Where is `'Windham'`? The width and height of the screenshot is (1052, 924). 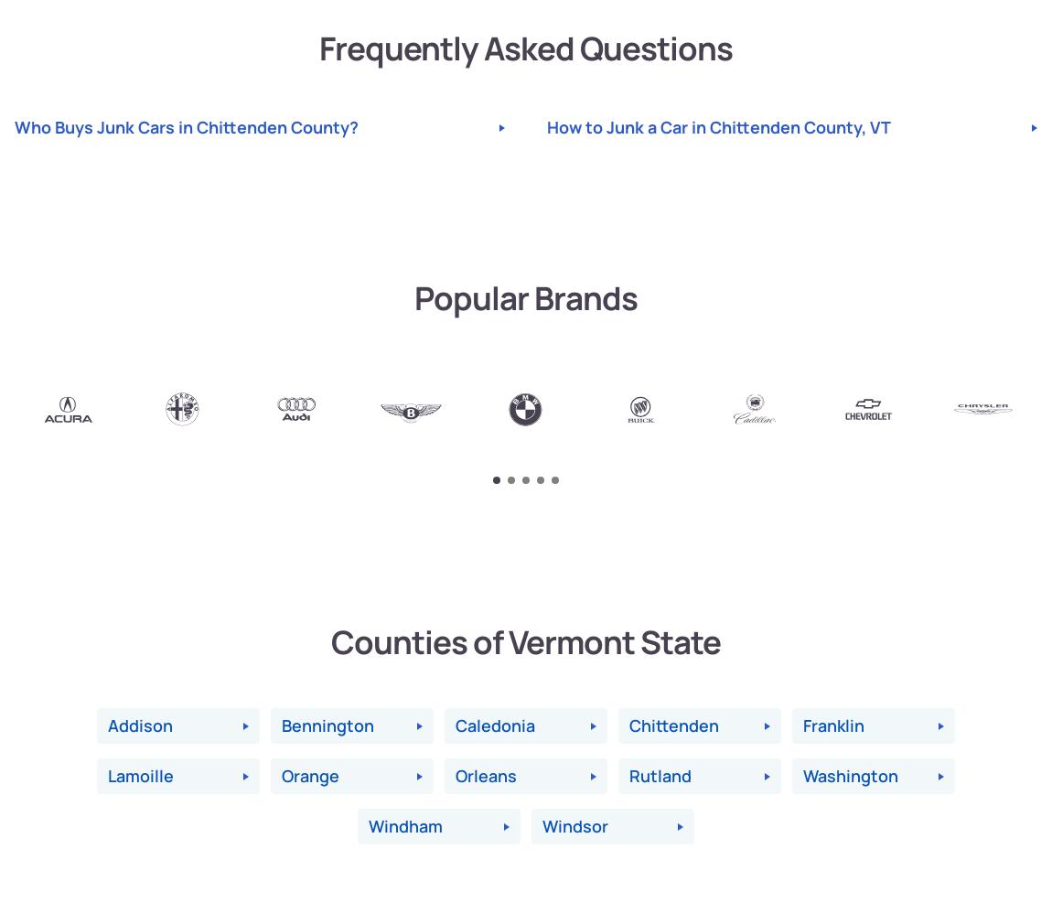
'Windham' is located at coordinates (405, 826).